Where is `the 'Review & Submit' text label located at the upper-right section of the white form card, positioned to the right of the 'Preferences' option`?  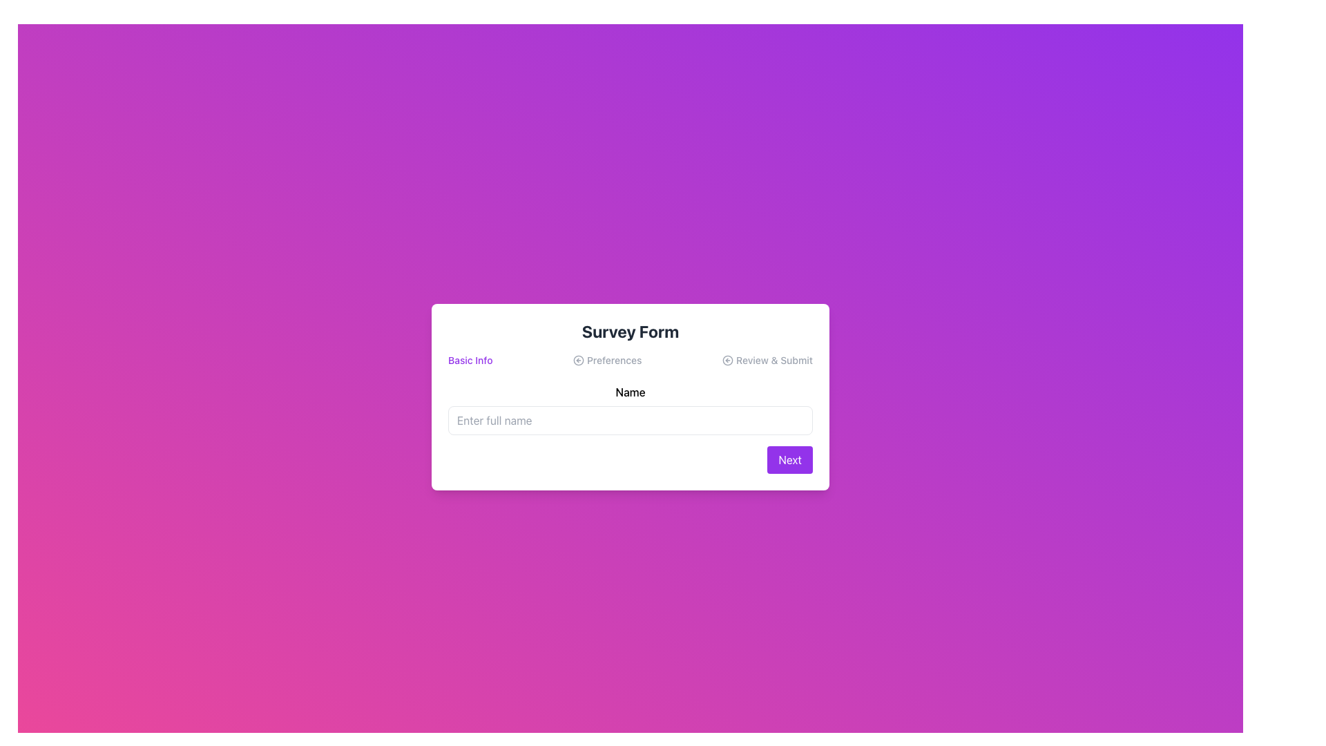 the 'Review & Submit' text label located at the upper-right section of the white form card, positioned to the right of the 'Preferences' option is located at coordinates (767, 359).